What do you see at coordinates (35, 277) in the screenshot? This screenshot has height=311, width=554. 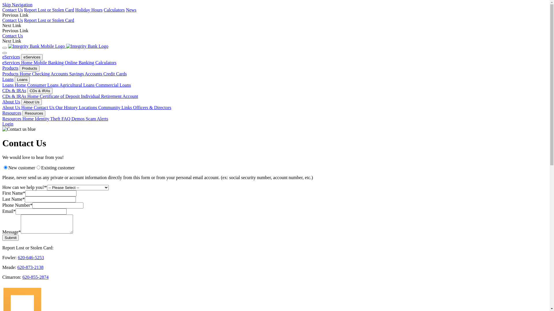 I see `'620-855-2874'` at bounding box center [35, 277].